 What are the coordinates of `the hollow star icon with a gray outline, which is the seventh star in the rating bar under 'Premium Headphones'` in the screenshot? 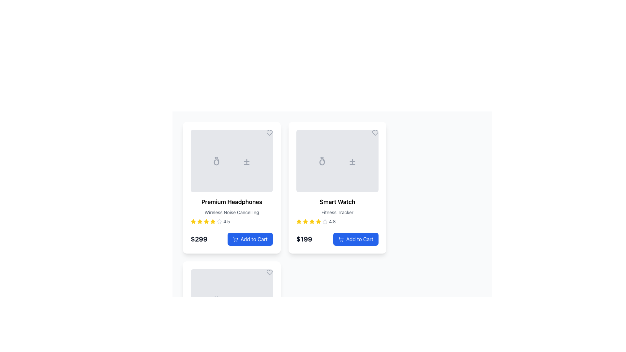 It's located at (219, 221).